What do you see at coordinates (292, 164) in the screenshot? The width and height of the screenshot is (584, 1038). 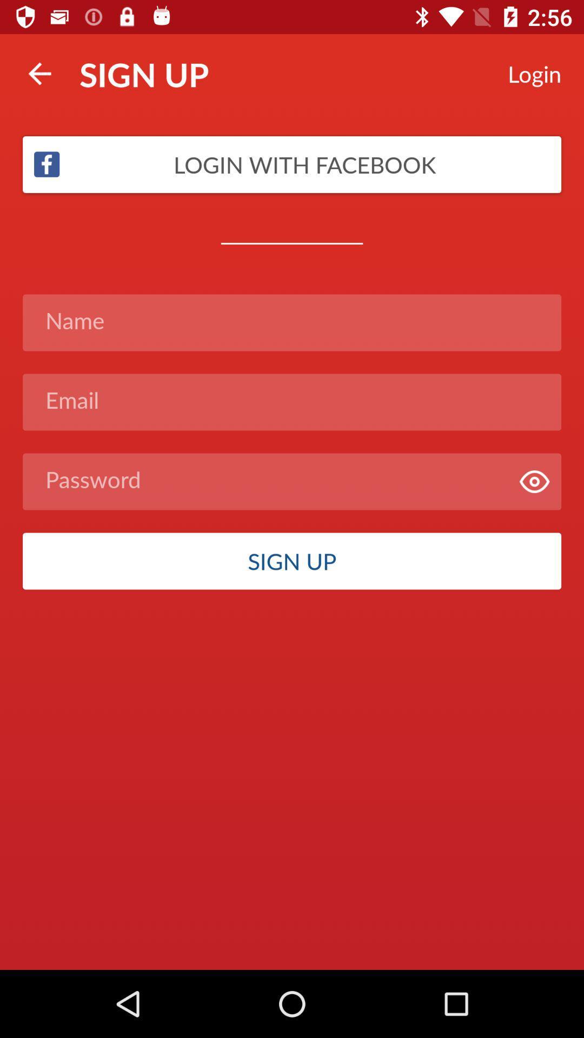 I see `the login with facebook` at bounding box center [292, 164].